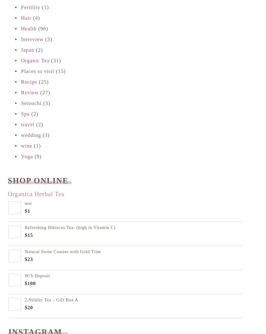  Describe the element at coordinates (27, 124) in the screenshot. I see `'travel'` at that location.